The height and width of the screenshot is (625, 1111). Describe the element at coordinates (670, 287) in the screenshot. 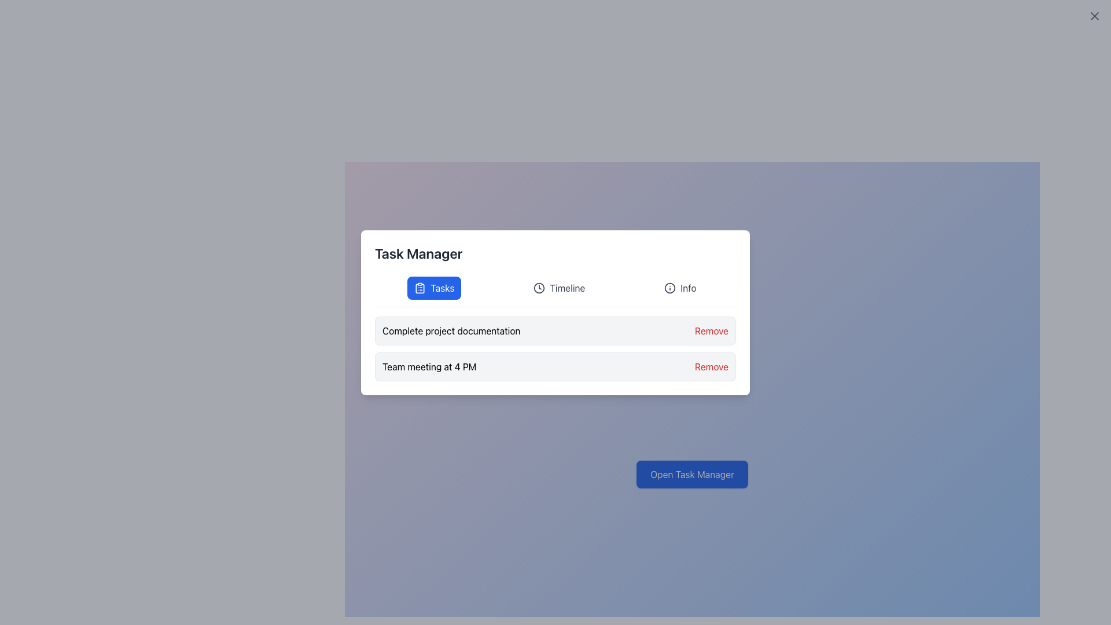

I see `the circular icon with an 'i' symbol inside, which is part of the navigation bar labeled 'Info' at the top-right corner of the interface` at that location.